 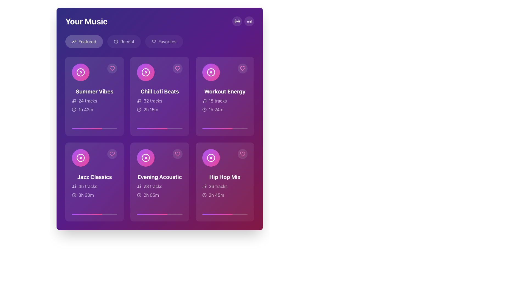 What do you see at coordinates (159, 91) in the screenshot?
I see `the text label that reads 'Chill Lofi Beats' in bold white typography, located within a purple card under 'Your Music', positioned below a circular icon` at bounding box center [159, 91].